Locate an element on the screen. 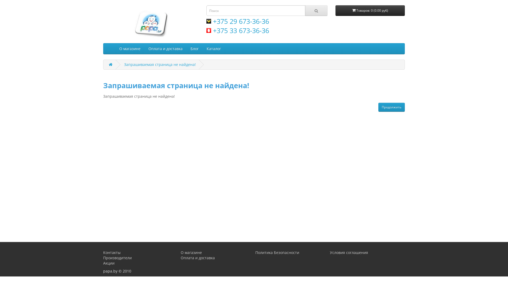 The height and width of the screenshot is (286, 508). 'papa.by' is located at coordinates (151, 23).